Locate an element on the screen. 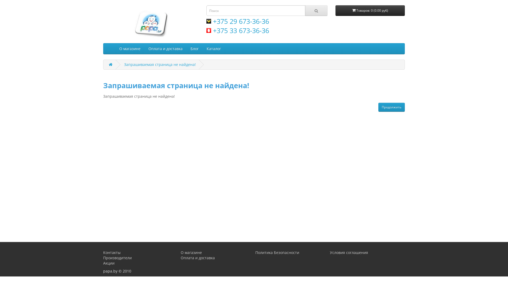 The height and width of the screenshot is (286, 508). 'papa.by' is located at coordinates (151, 23).